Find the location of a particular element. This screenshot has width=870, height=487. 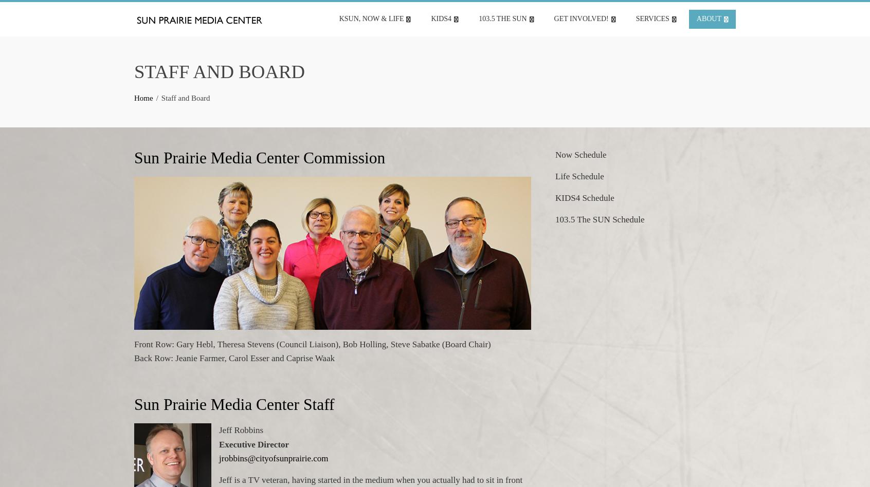

'Home' is located at coordinates (143, 97).